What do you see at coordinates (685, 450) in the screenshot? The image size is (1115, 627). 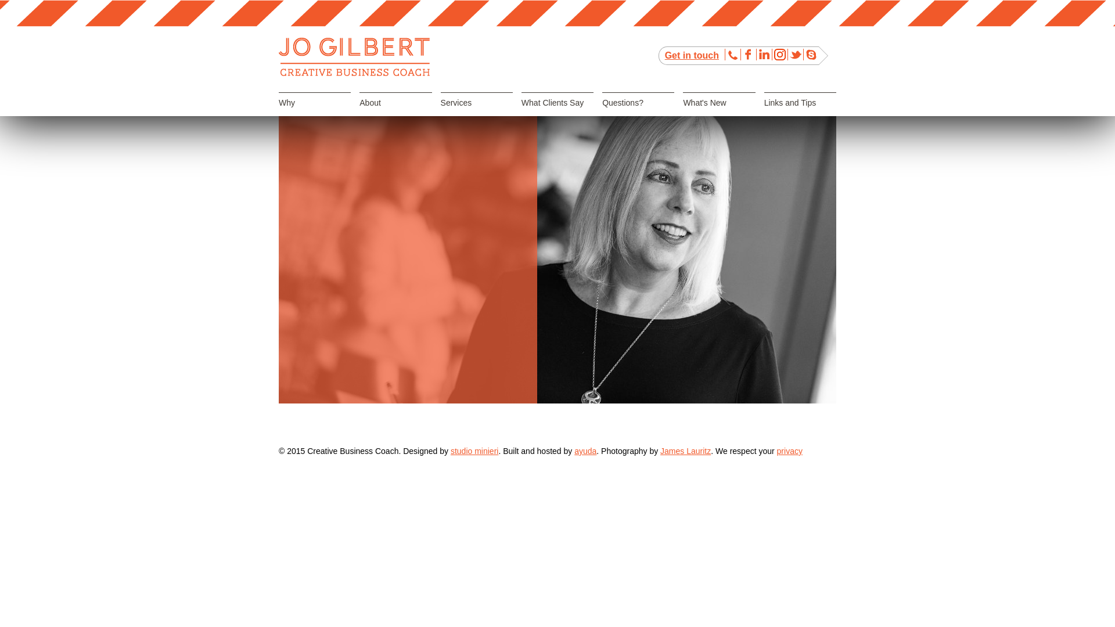 I see `'James Lauritz'` at bounding box center [685, 450].